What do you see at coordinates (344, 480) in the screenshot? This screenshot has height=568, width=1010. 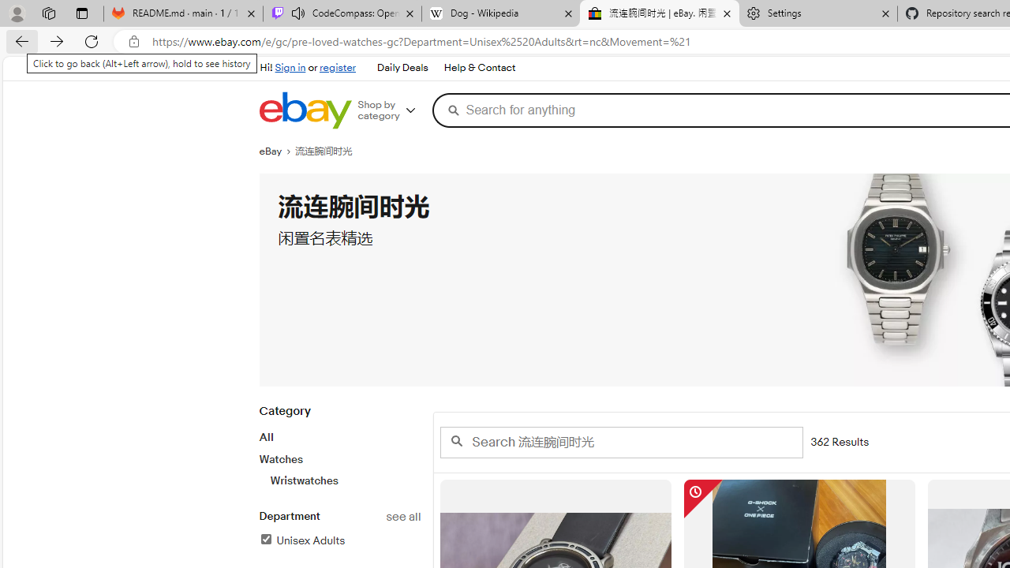 I see `'Wristwatches'` at bounding box center [344, 480].